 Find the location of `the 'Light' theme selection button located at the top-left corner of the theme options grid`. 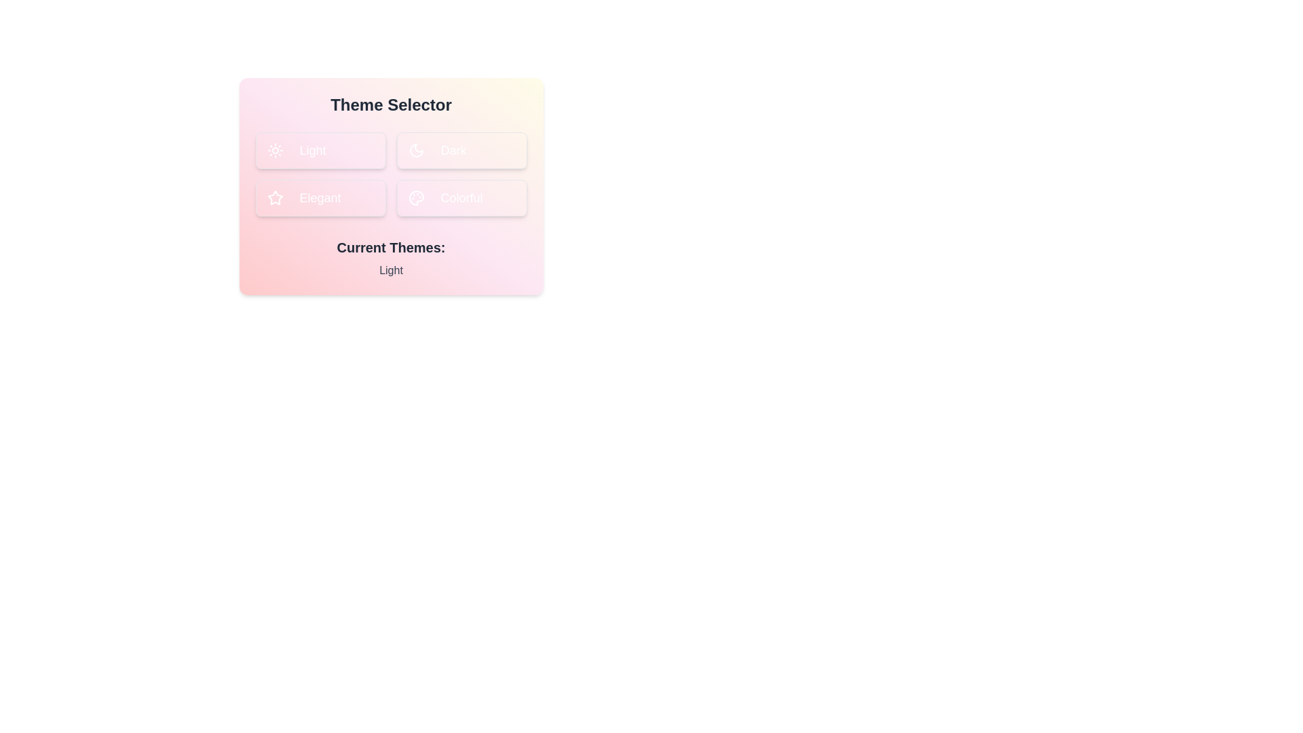

the 'Light' theme selection button located at the top-left corner of the theme options grid is located at coordinates (320, 151).